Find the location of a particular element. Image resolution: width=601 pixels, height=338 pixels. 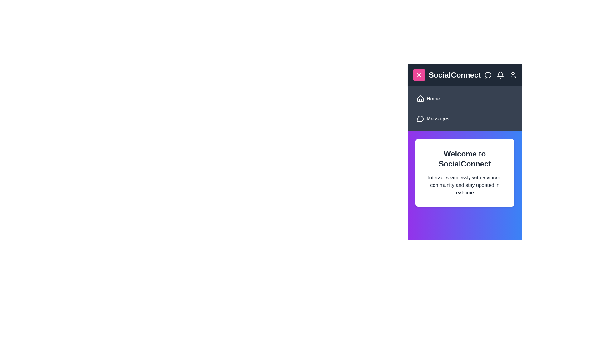

the Messages menu item is located at coordinates (465, 119).